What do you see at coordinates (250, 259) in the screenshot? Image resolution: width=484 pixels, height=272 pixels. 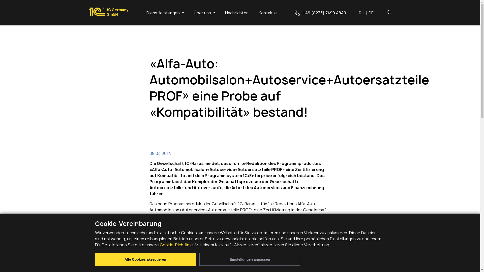 I see `'Einstellungen anpassen'` at bounding box center [250, 259].